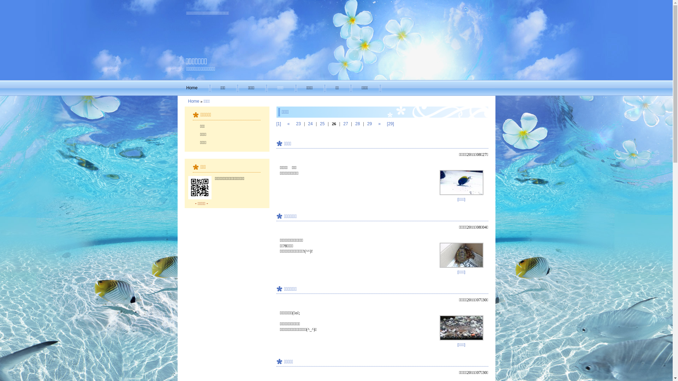  Describe the element at coordinates (278, 123) in the screenshot. I see `'[1]'` at that location.